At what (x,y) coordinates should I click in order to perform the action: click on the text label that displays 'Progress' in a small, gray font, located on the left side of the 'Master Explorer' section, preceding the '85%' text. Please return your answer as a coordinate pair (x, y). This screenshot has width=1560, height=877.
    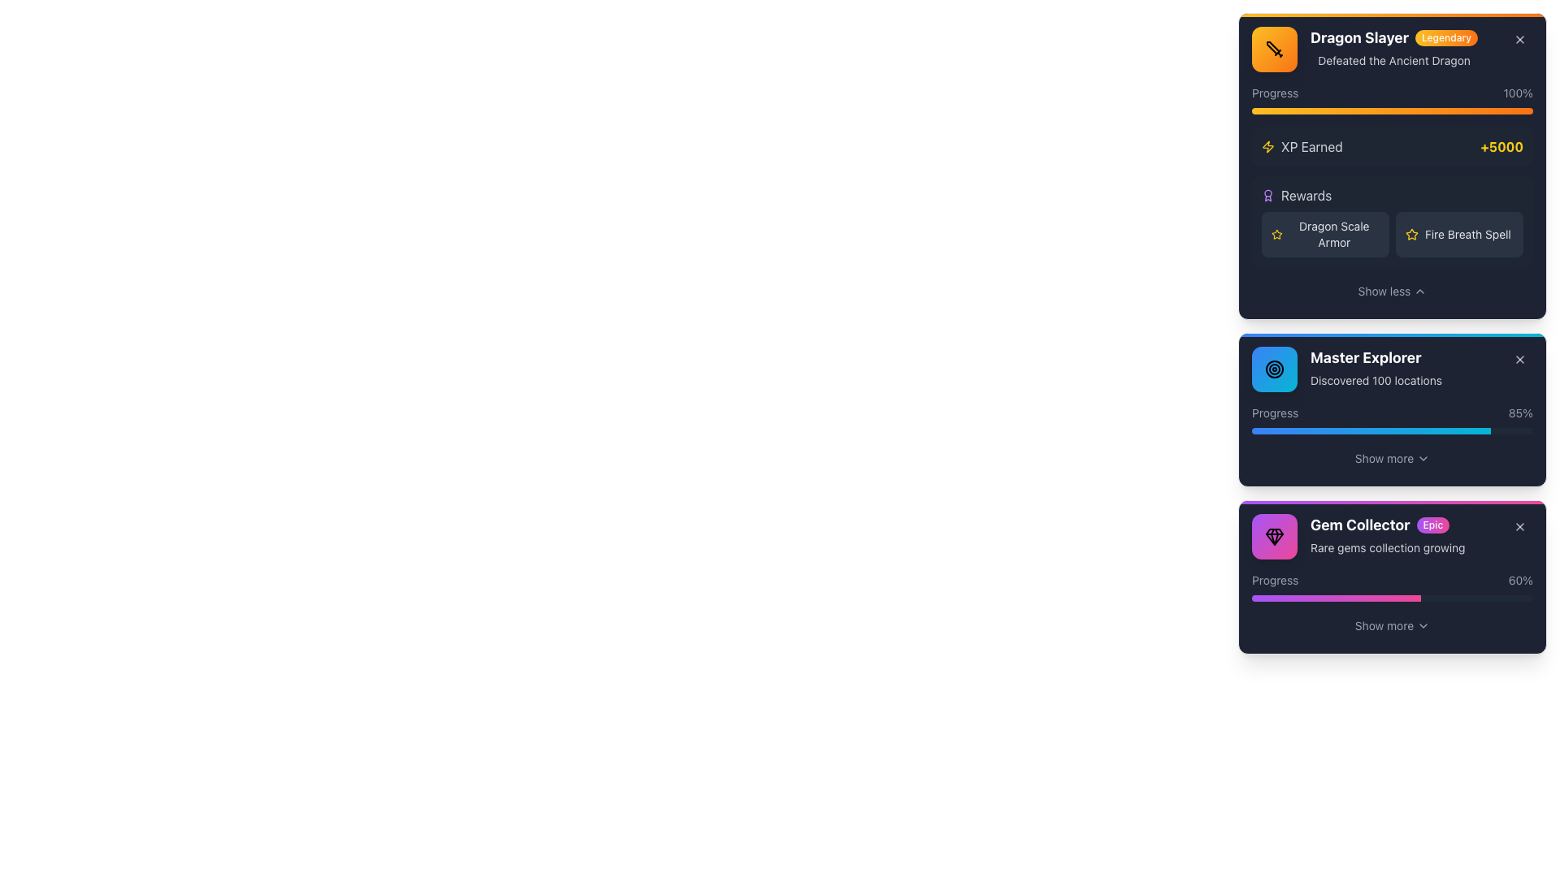
    Looking at the image, I should click on (1274, 413).